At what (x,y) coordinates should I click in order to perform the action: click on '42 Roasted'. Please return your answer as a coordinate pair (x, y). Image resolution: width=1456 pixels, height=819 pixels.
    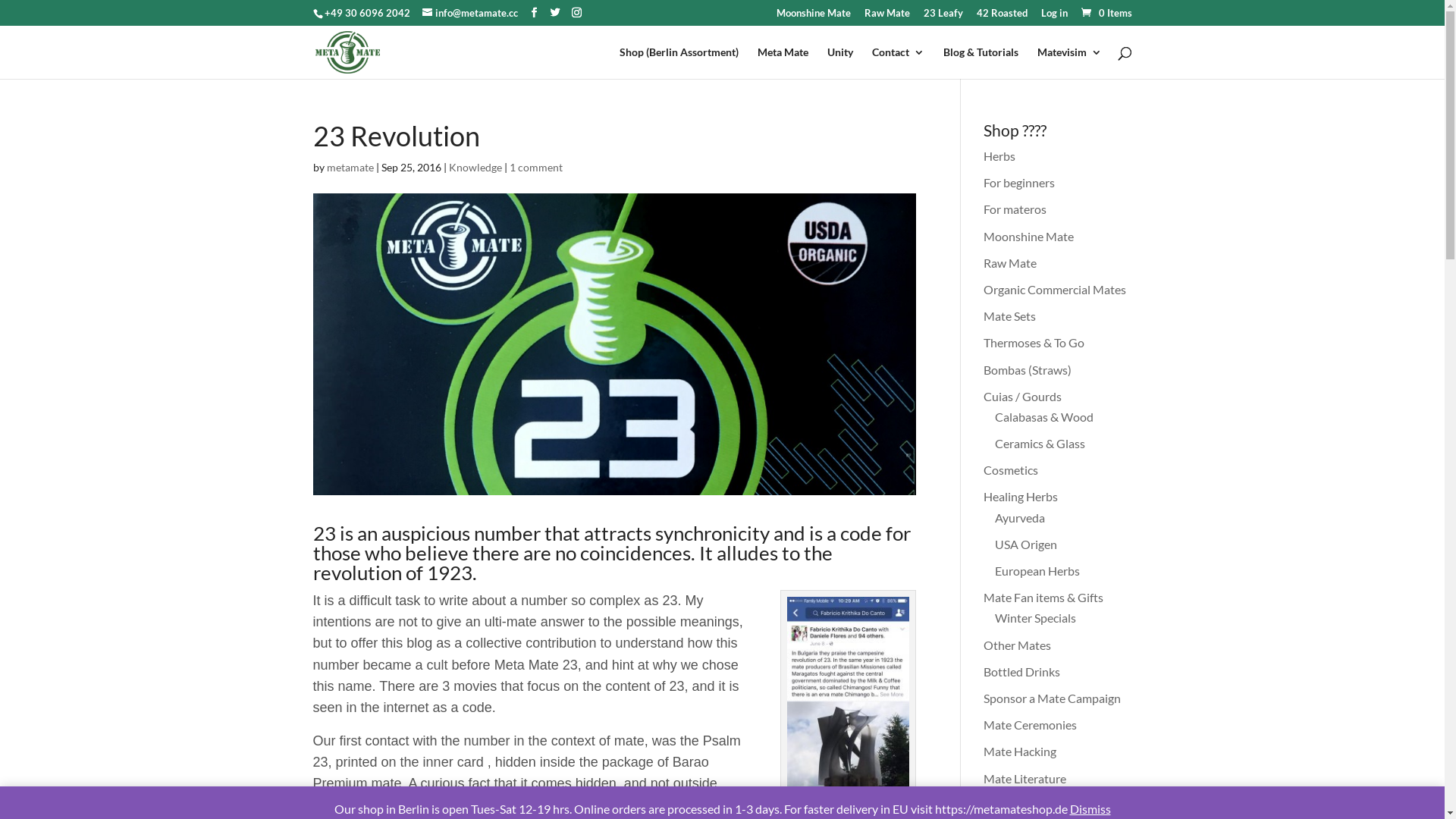
    Looking at the image, I should click on (1002, 17).